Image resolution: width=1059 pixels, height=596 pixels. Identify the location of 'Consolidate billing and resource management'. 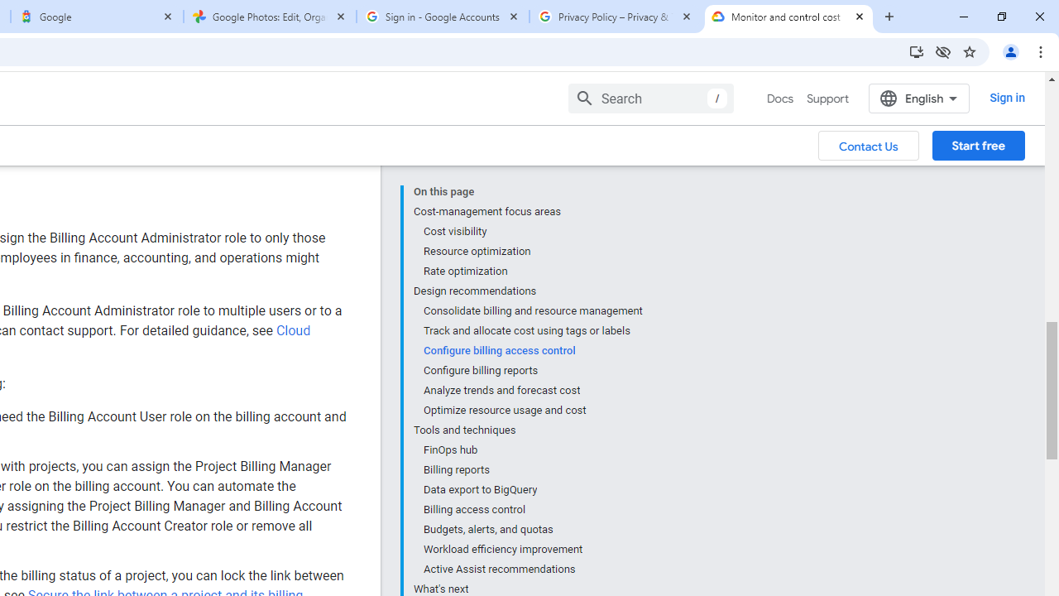
(532, 311).